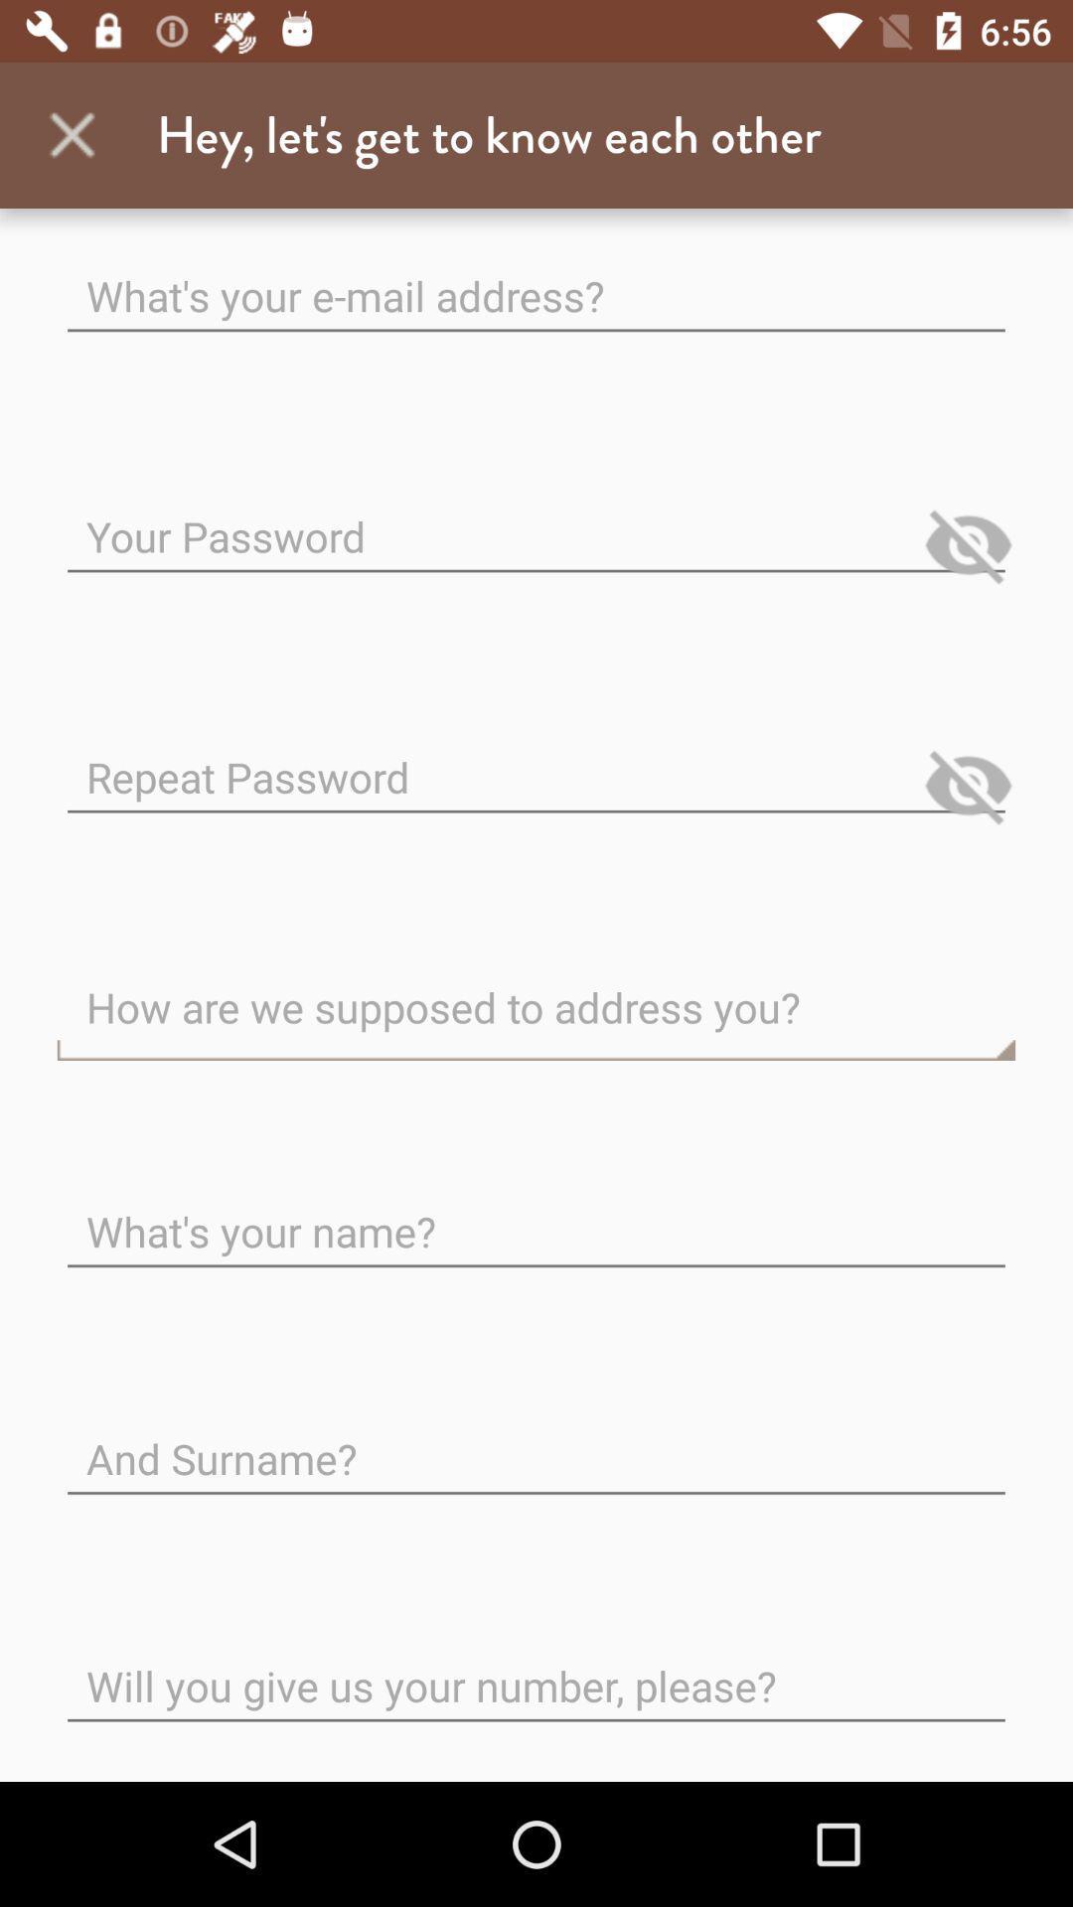 Image resolution: width=1073 pixels, height=1907 pixels. Describe the element at coordinates (536, 279) in the screenshot. I see `e-mail address` at that location.